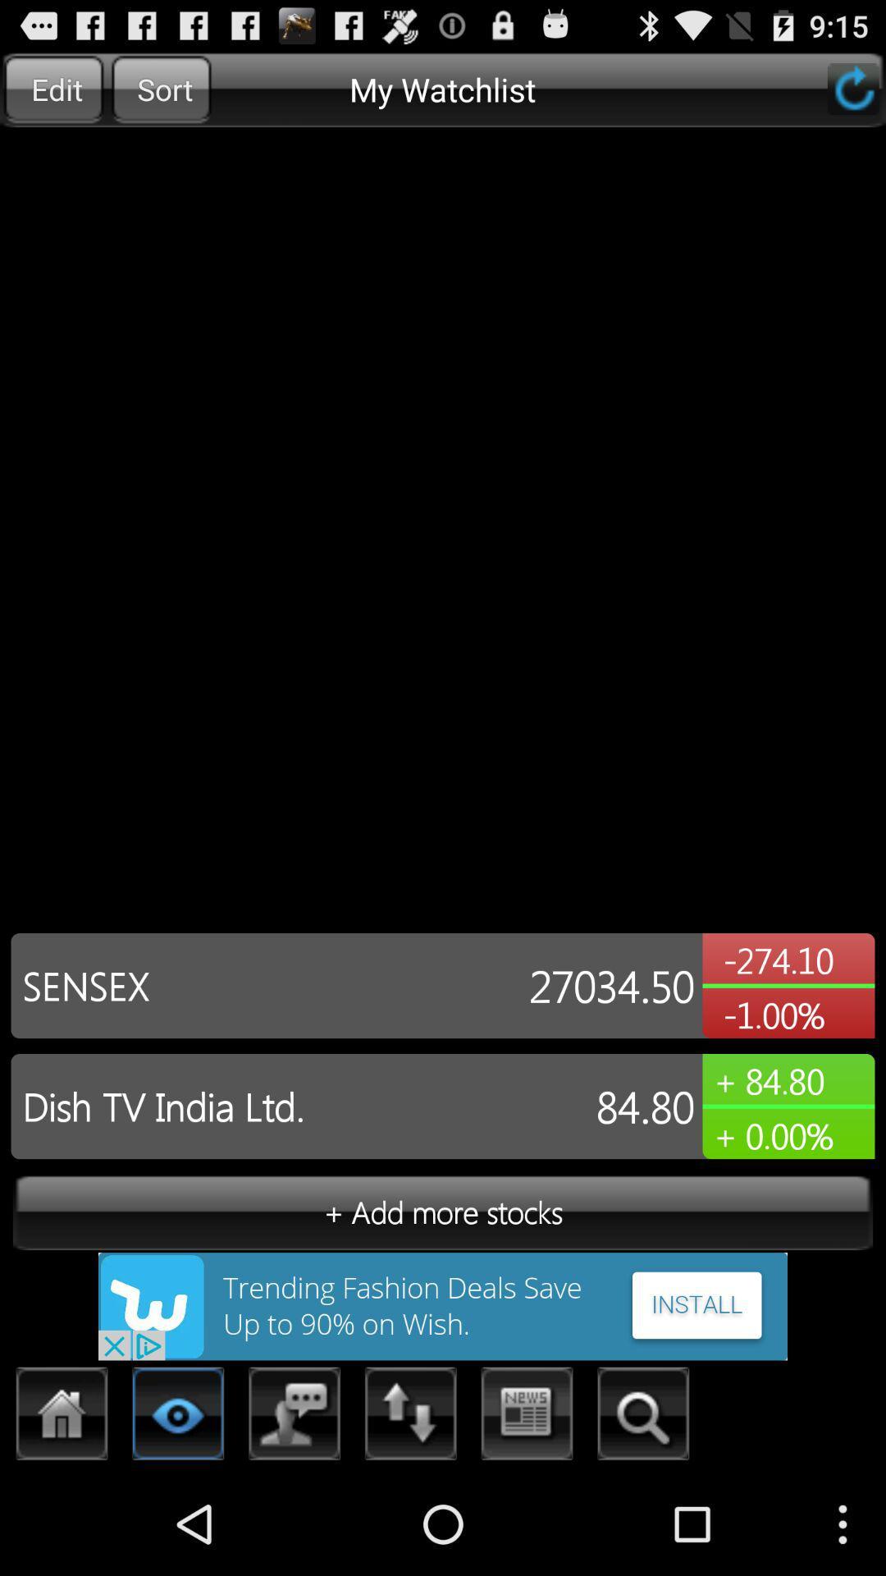  What do you see at coordinates (178, 1517) in the screenshot?
I see `the visibility icon` at bounding box center [178, 1517].